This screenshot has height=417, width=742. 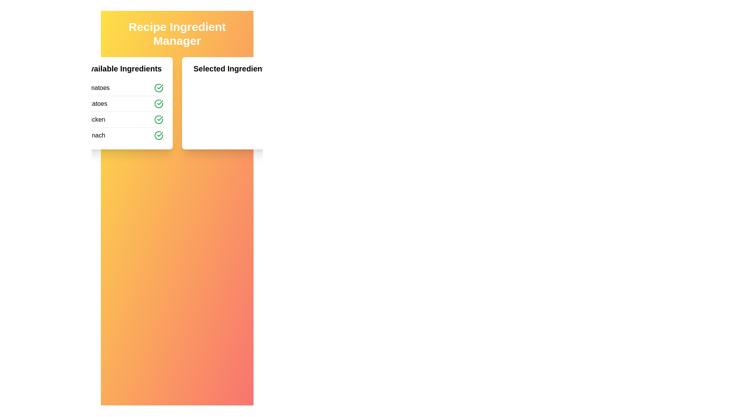 What do you see at coordinates (158, 87) in the screenshot?
I see `green check icon next to Tomatoes to add it to the selected list` at bounding box center [158, 87].